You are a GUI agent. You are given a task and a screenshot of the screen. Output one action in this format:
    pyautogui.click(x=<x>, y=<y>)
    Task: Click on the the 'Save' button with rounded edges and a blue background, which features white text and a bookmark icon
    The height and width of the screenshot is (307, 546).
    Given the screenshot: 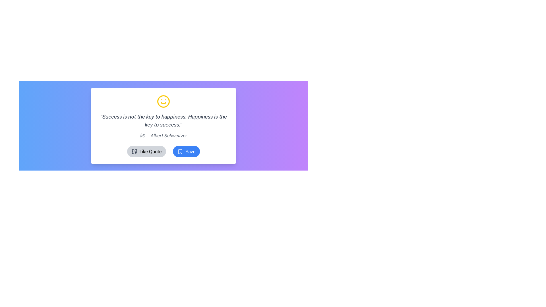 What is the action you would take?
    pyautogui.click(x=186, y=151)
    